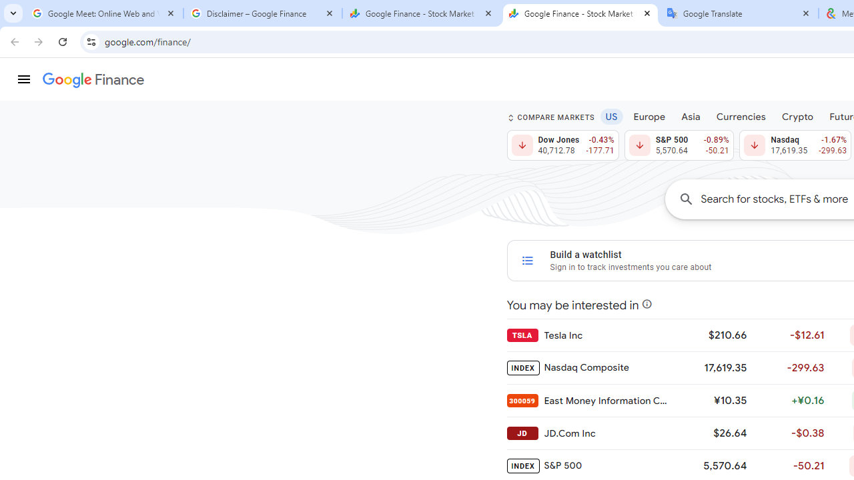  I want to click on 'COMPARE MARKETS', so click(550, 117).